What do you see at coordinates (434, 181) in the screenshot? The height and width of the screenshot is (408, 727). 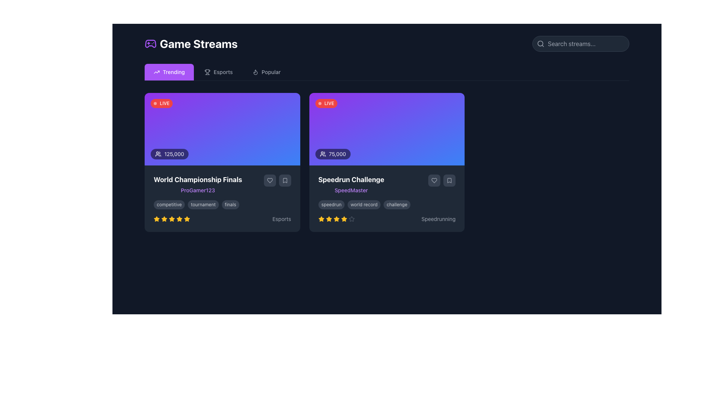 I see `the heart-shaped icon in the love section of the Speedrun Challenge card to mark it as liked` at bounding box center [434, 181].